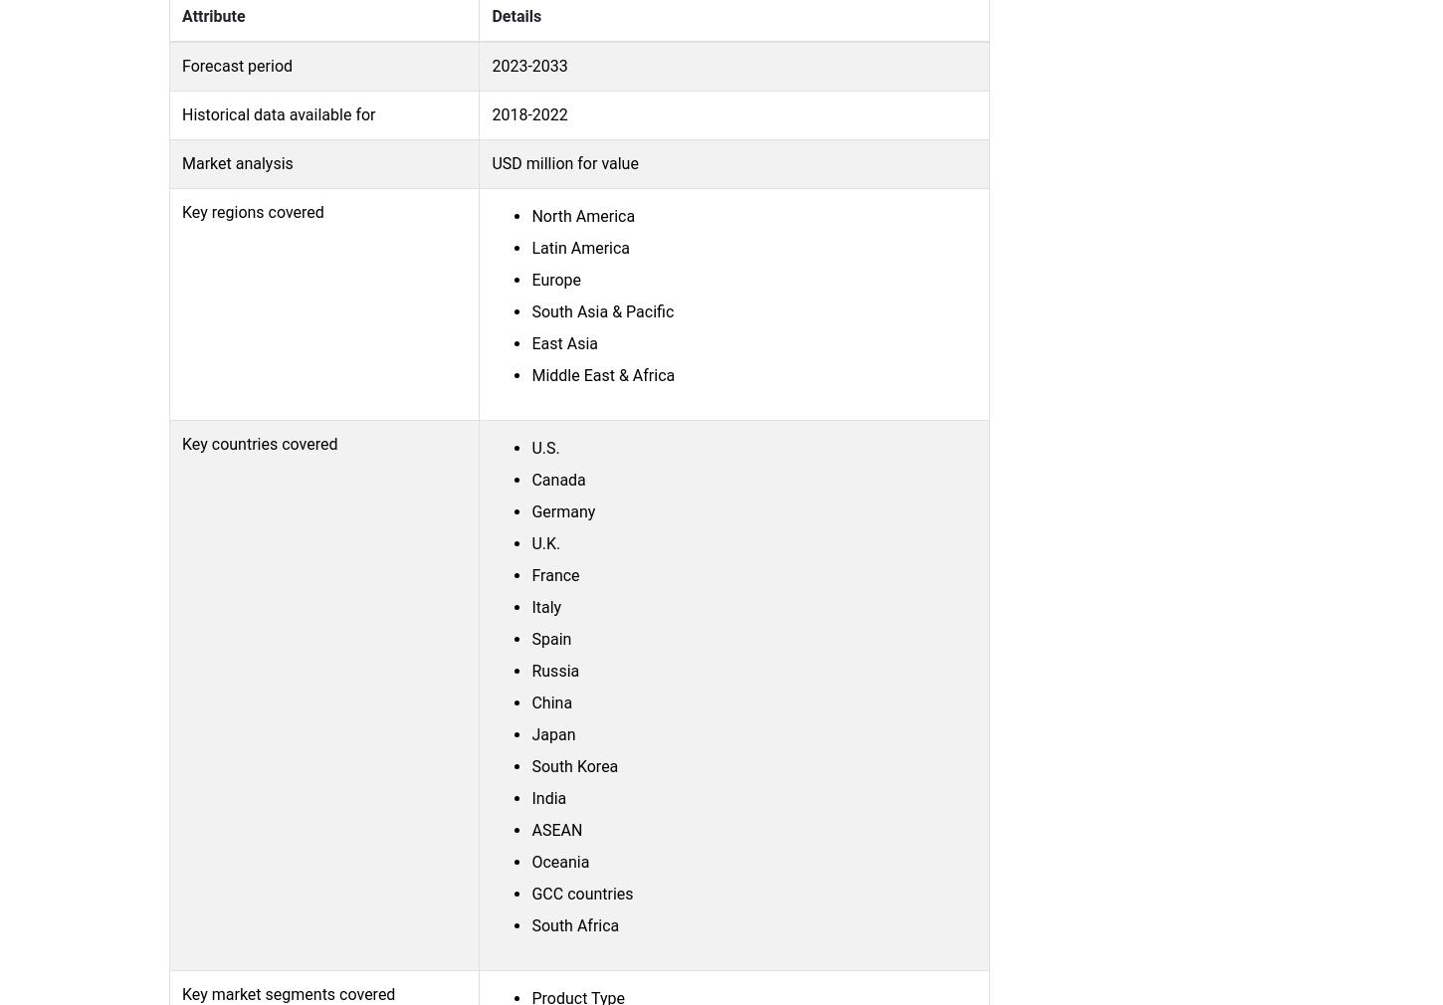 This screenshot has height=1005, width=1443. I want to click on 'South Africa', so click(574, 924).